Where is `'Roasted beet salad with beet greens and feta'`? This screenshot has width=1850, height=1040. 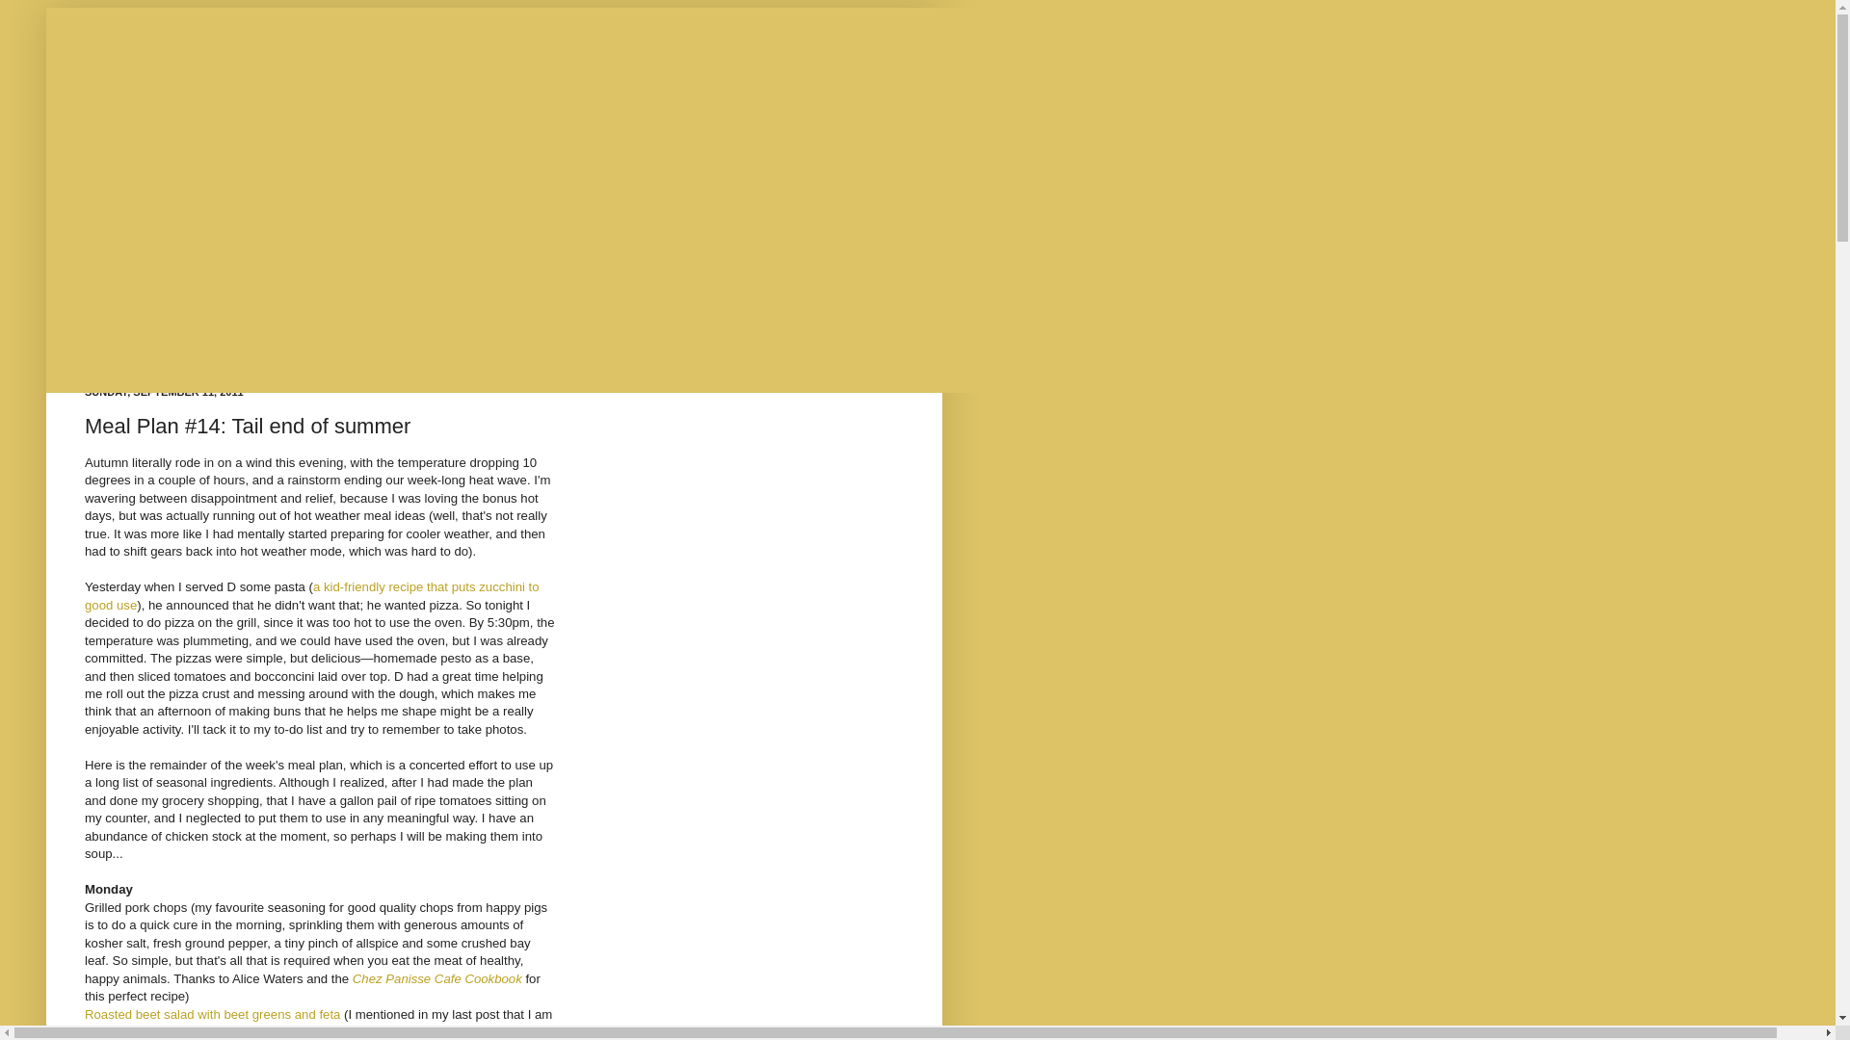
'Roasted beet salad with beet greens and feta' is located at coordinates (212, 1013).